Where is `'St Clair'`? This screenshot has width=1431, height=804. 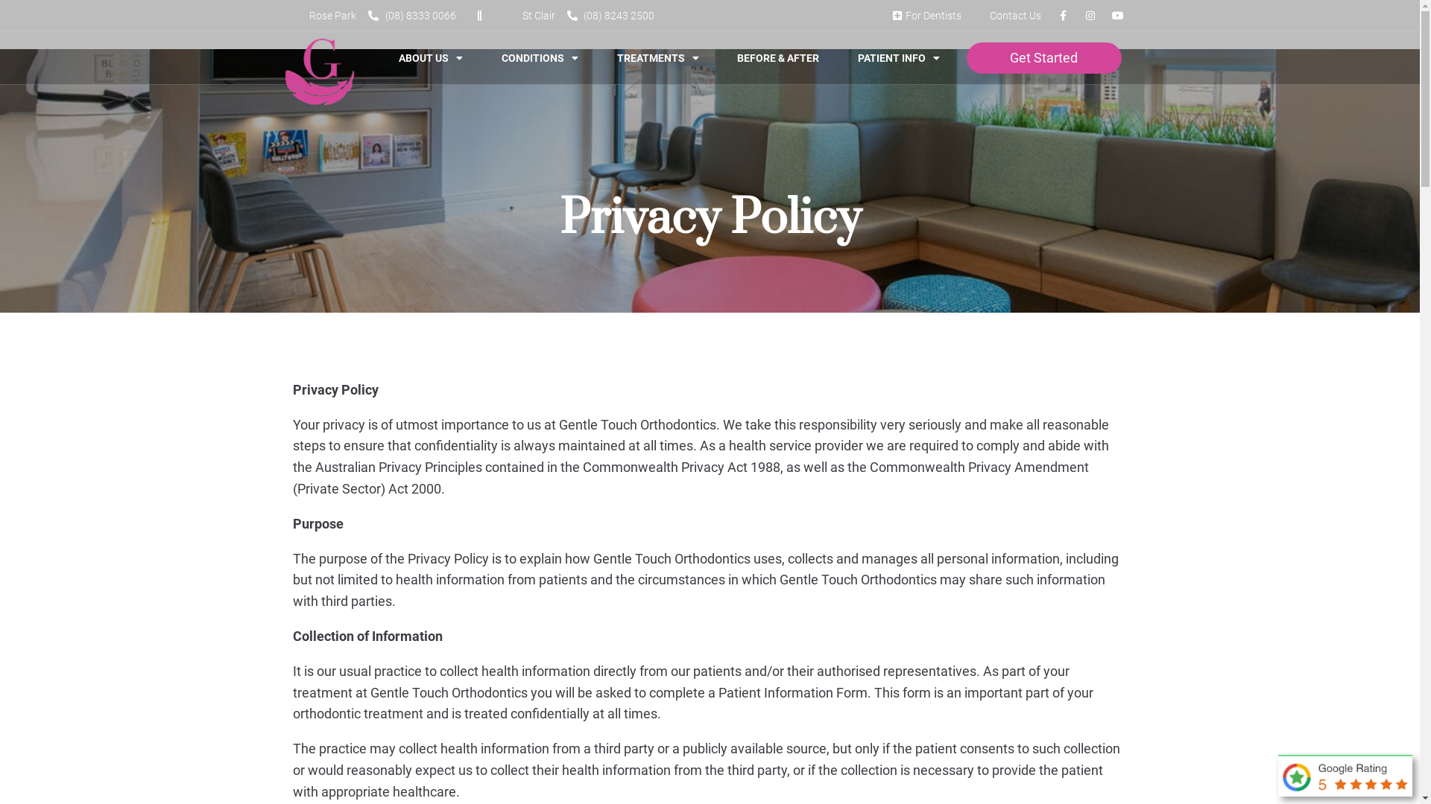 'St Clair' is located at coordinates (530, 15).